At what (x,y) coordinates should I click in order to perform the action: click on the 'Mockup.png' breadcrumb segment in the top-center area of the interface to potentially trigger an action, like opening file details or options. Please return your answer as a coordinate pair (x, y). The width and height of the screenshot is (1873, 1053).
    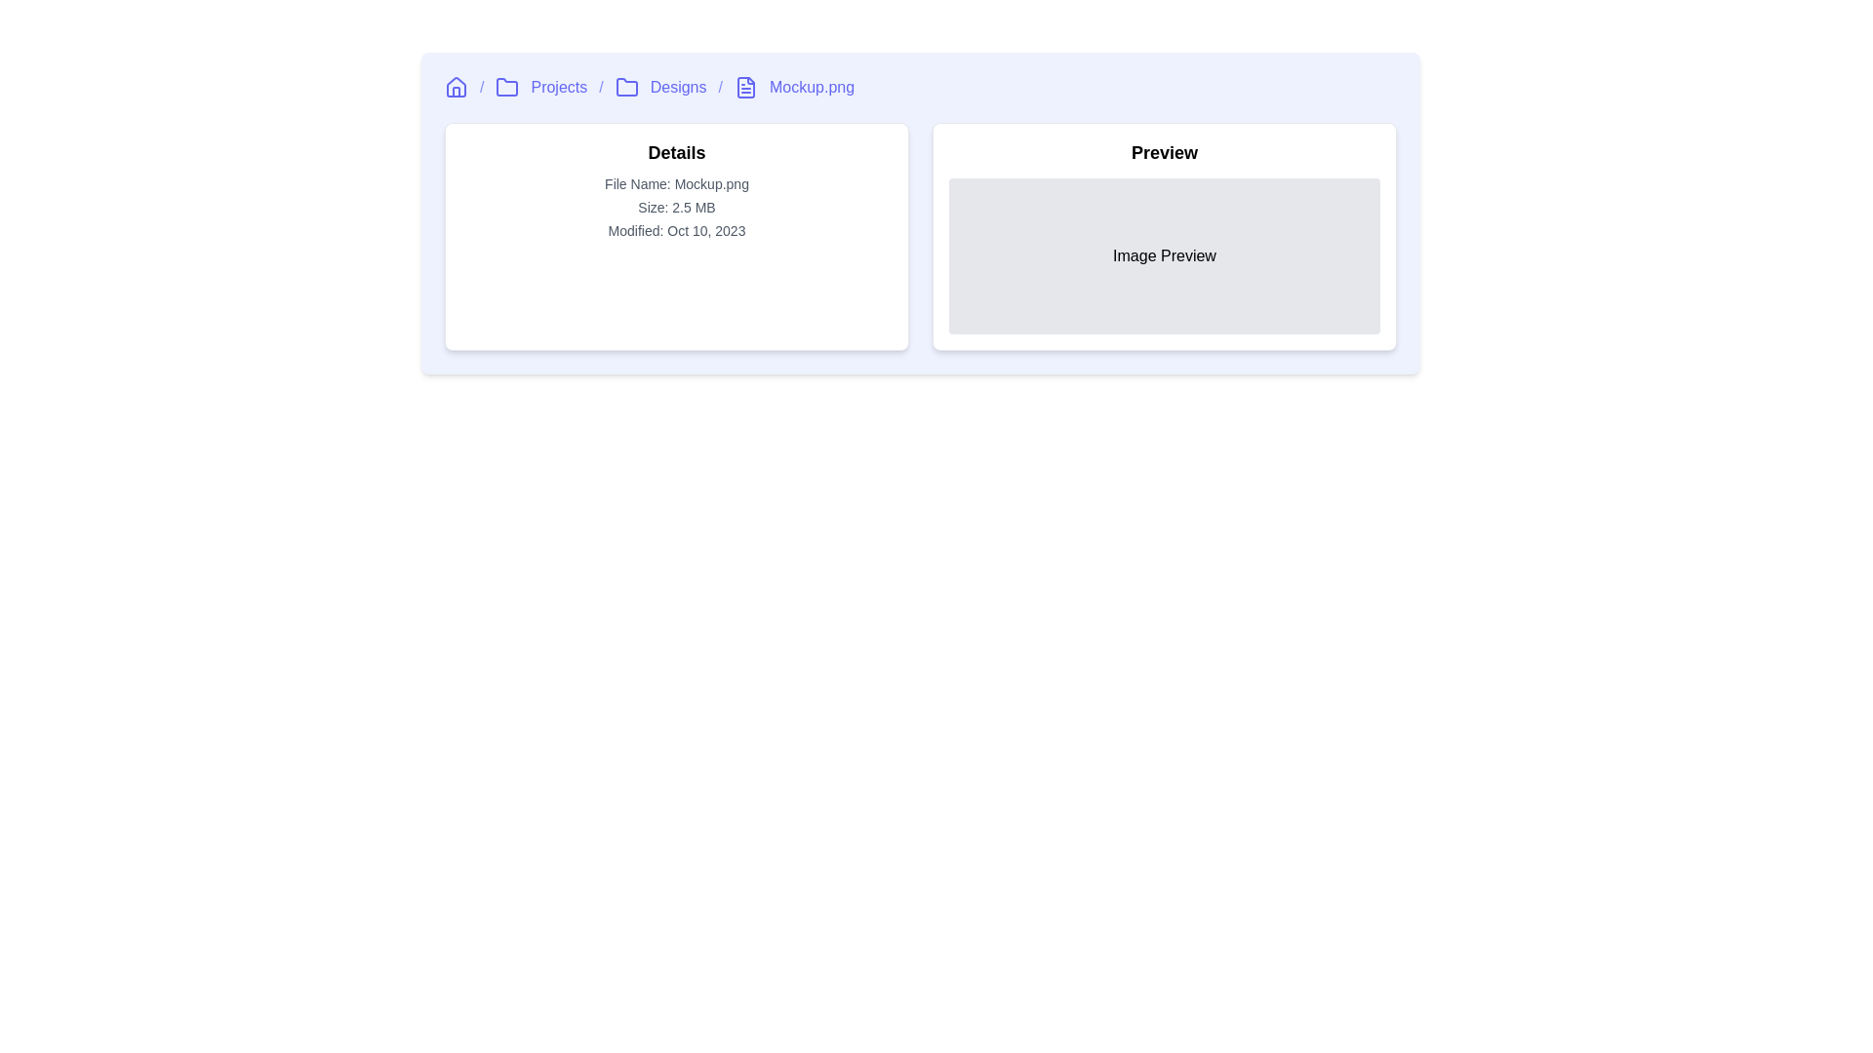
    Looking at the image, I should click on (812, 86).